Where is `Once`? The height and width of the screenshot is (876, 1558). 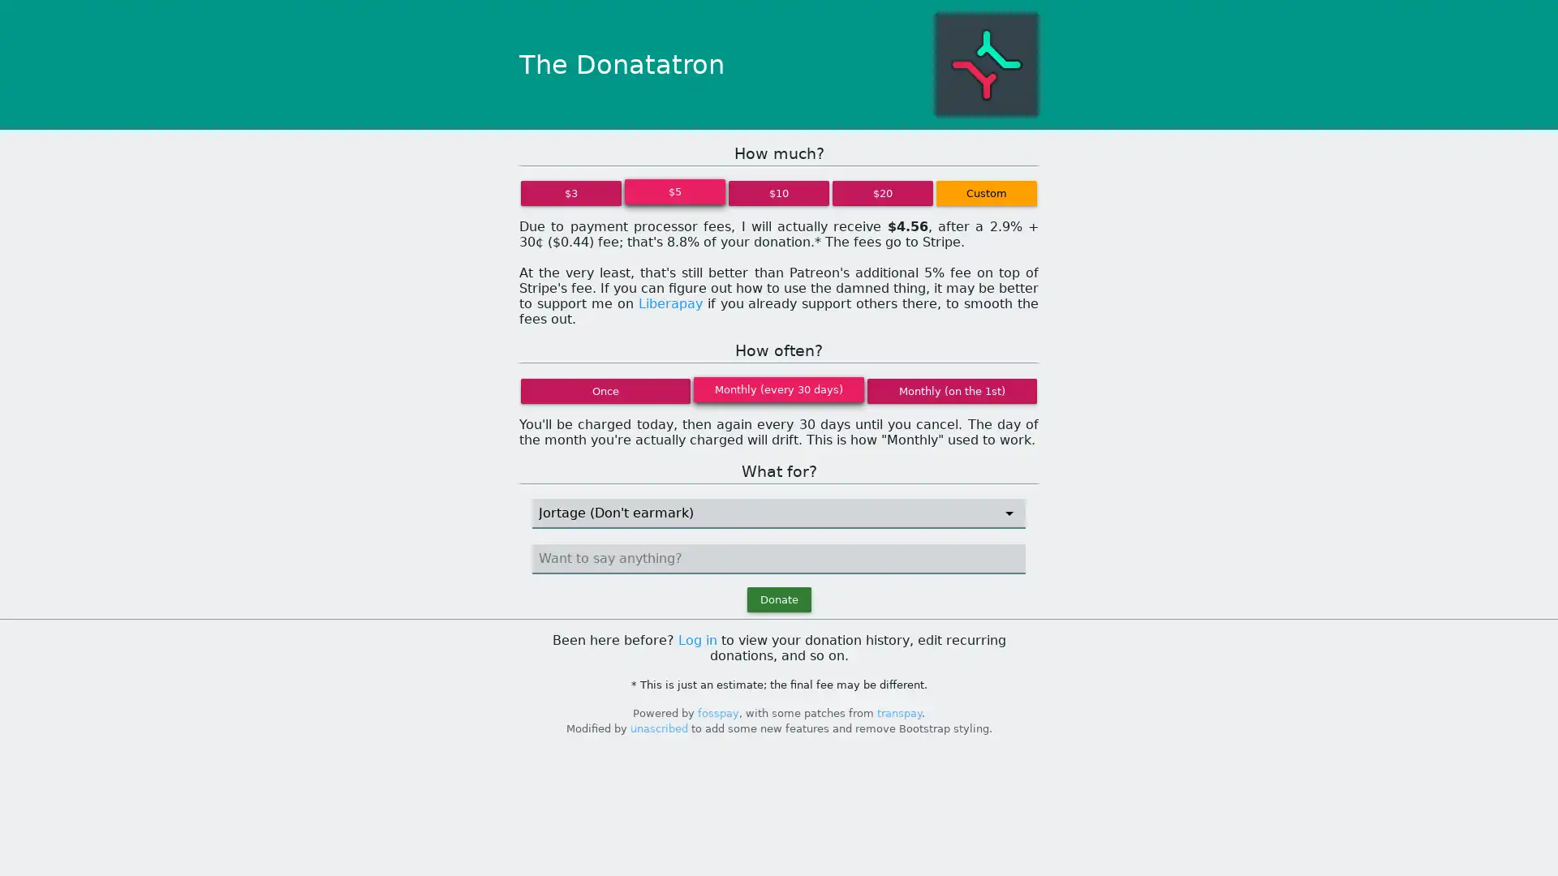 Once is located at coordinates (605, 390).